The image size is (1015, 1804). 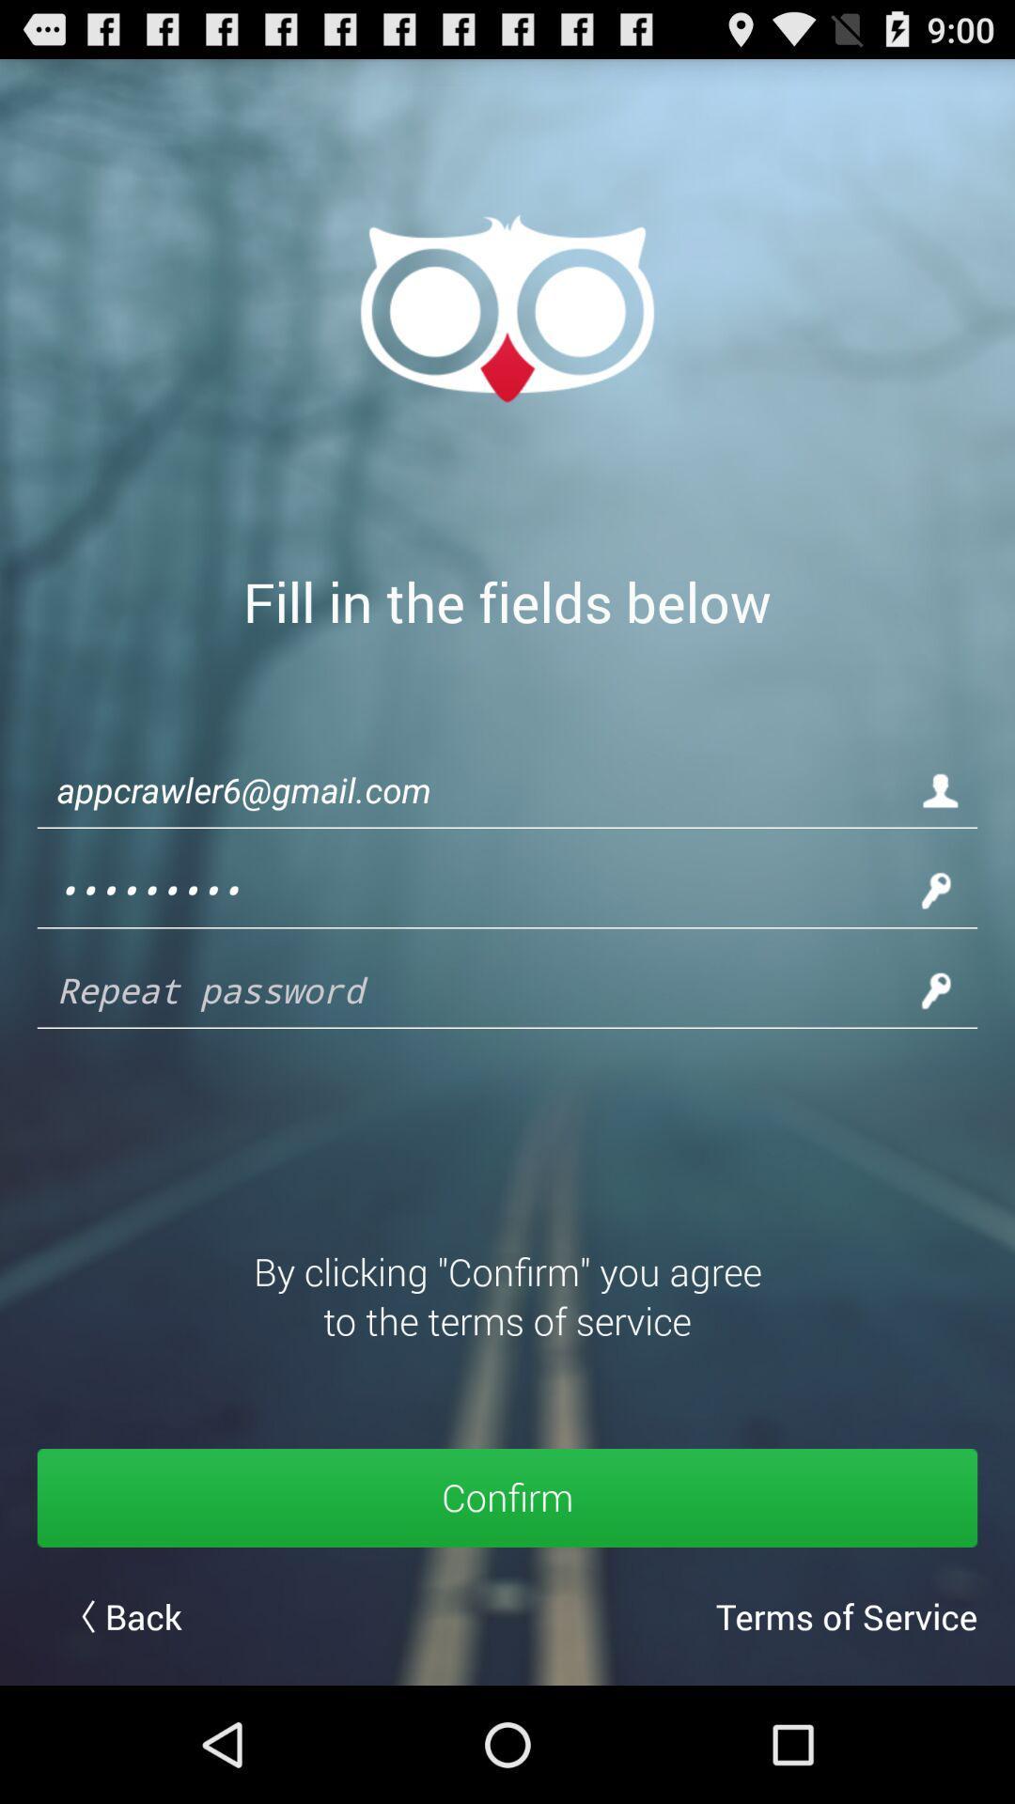 What do you see at coordinates (479, 989) in the screenshot?
I see `password` at bounding box center [479, 989].